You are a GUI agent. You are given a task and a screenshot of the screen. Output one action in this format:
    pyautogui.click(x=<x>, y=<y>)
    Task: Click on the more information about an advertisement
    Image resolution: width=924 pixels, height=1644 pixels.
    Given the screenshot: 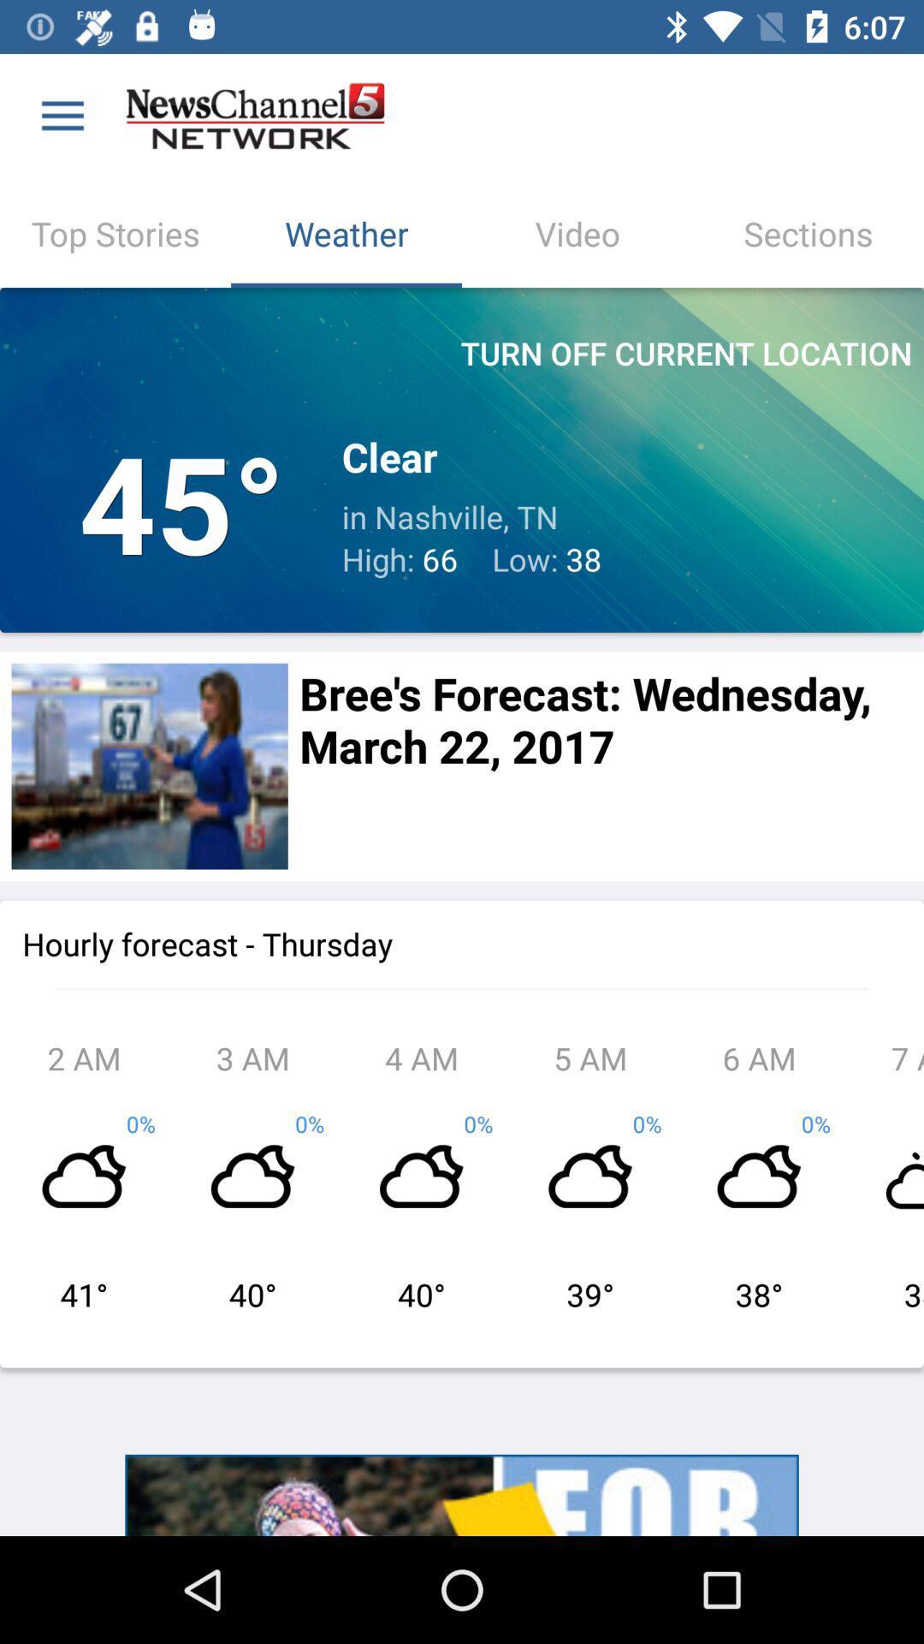 What is the action you would take?
    pyautogui.click(x=462, y=1494)
    